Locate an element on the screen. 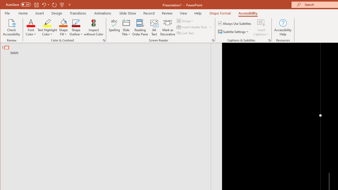 Image resolution: width=338 pixels, height=190 pixels. 'Insert Header Row' is located at coordinates (194, 27).